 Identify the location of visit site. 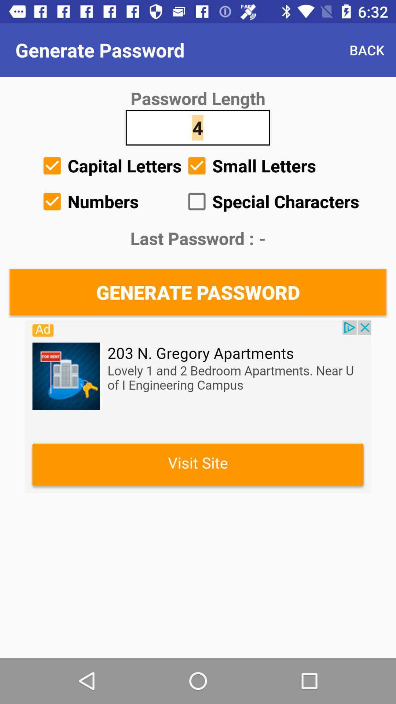
(198, 406).